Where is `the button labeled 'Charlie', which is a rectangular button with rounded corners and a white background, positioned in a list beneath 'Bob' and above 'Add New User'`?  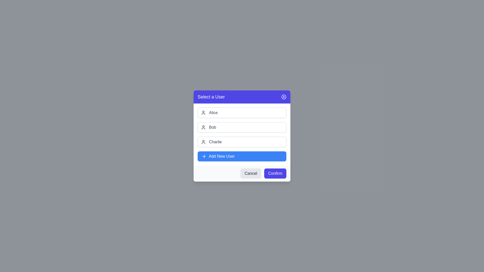
the button labeled 'Charlie', which is a rectangular button with rounded corners and a white background, positioned in a list beneath 'Bob' and above 'Add New User' is located at coordinates (242, 142).